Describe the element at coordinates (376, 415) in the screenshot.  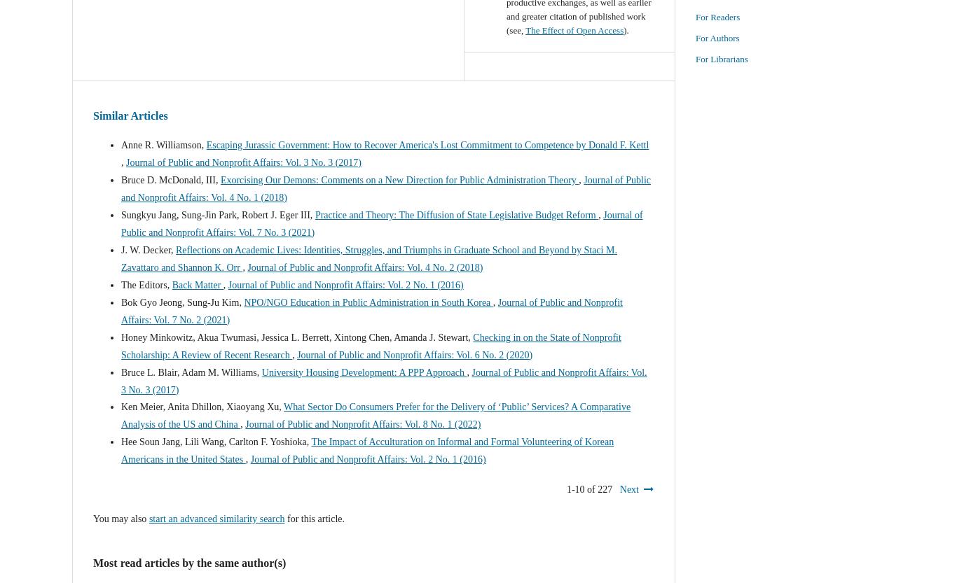
I see `'What Sector Do Consumers Prefer for the Delivery of ‘Public’ Services? A Comparative Analysis of the US and China'` at that location.